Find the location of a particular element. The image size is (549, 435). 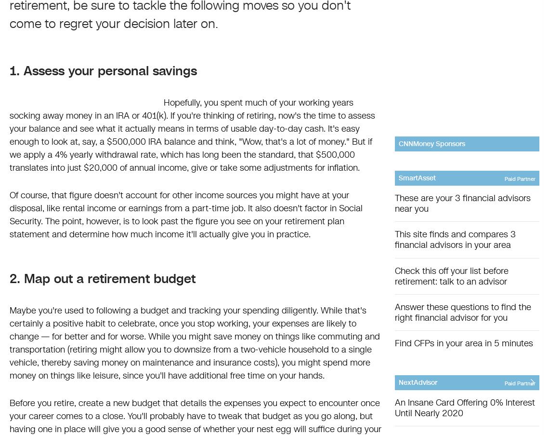

'1. Assess your personal savings' is located at coordinates (103, 71).